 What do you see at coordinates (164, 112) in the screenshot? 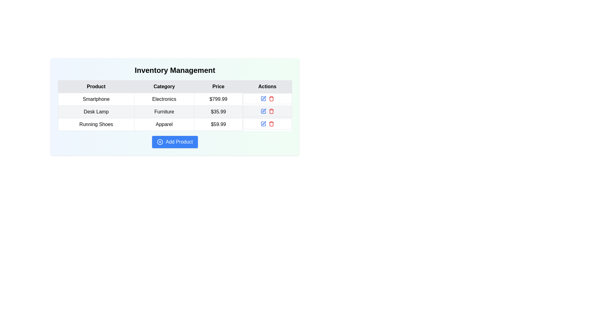
I see `the Text label that categorizes the 'Desk Lamp' product under the 'Furniture' genre, which is the second entry in the 'Category' column of the table` at bounding box center [164, 112].